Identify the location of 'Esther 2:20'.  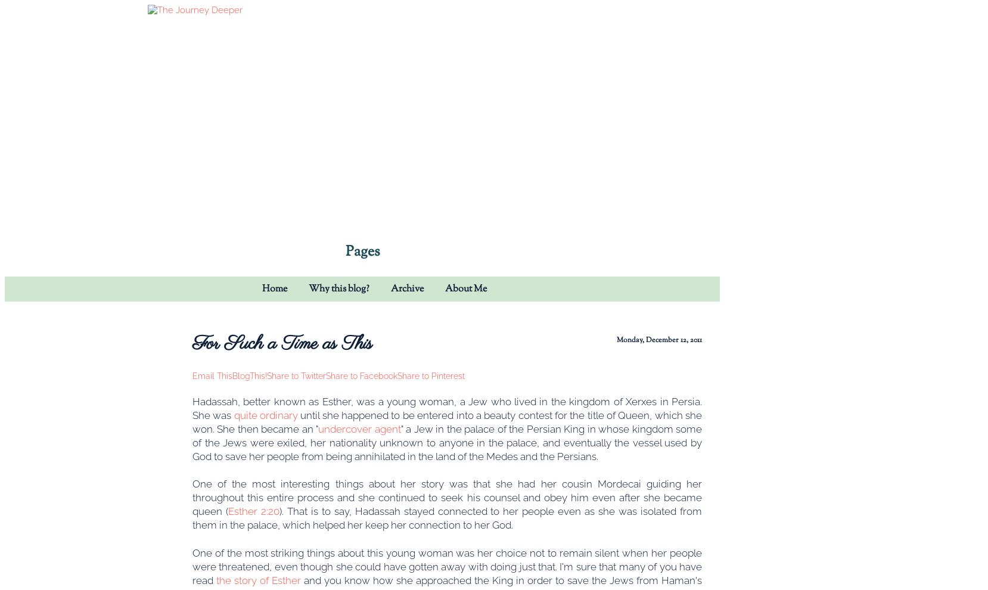
(227, 511).